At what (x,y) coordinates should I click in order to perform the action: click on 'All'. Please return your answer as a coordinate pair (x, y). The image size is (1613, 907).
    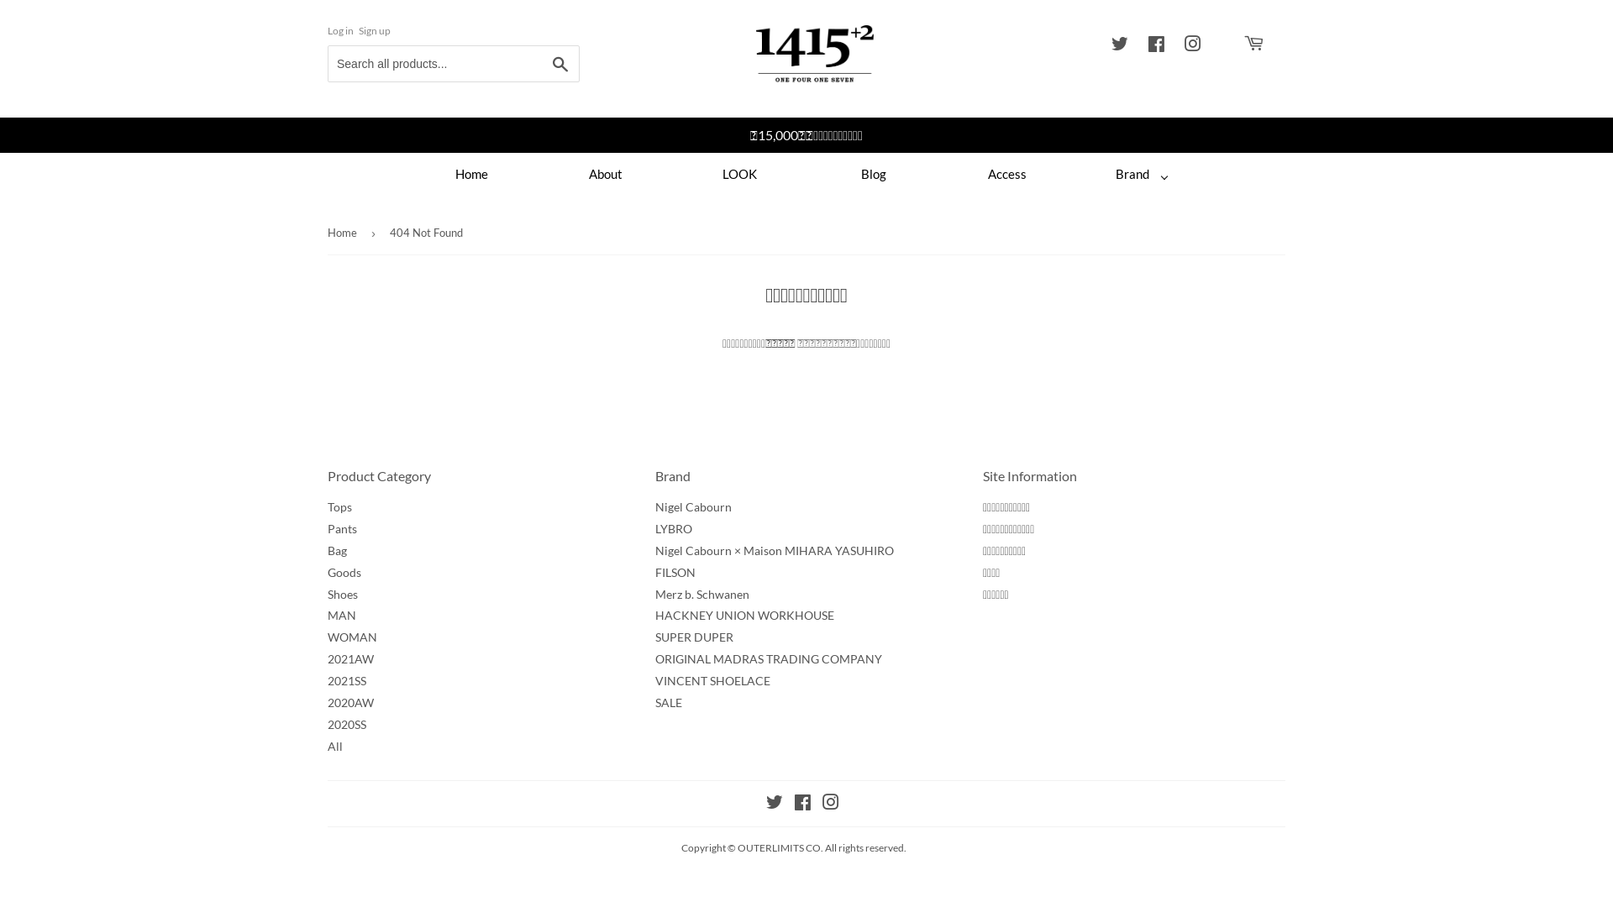
    Looking at the image, I should click on (327, 745).